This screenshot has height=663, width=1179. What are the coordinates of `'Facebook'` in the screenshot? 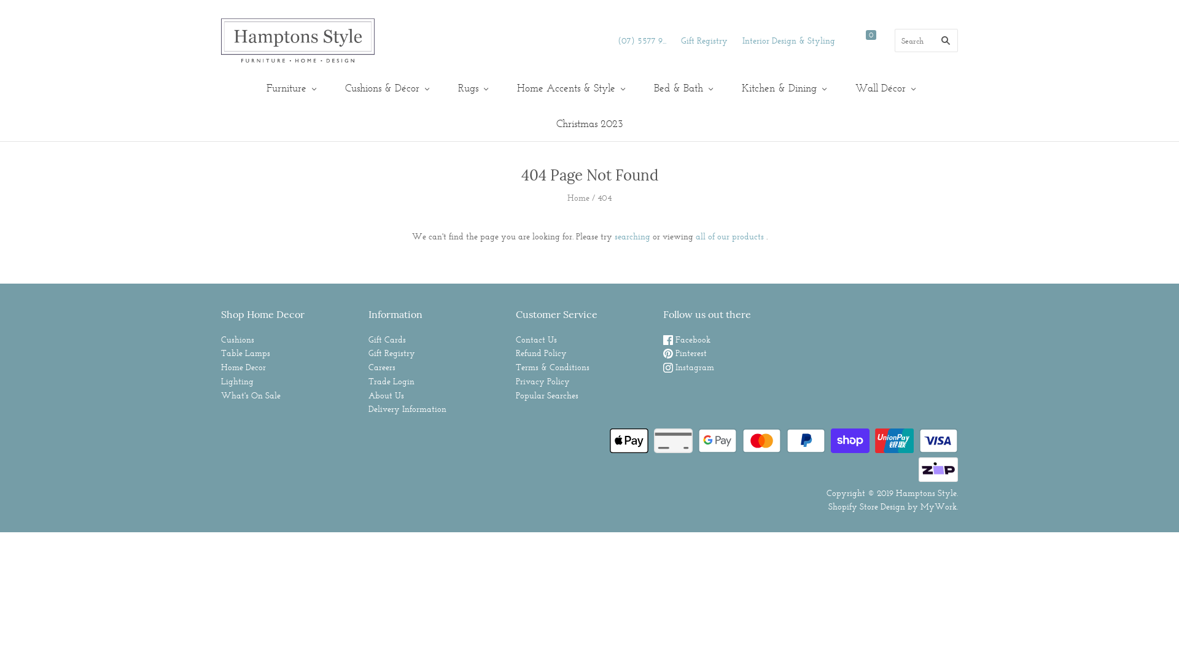 It's located at (686, 339).